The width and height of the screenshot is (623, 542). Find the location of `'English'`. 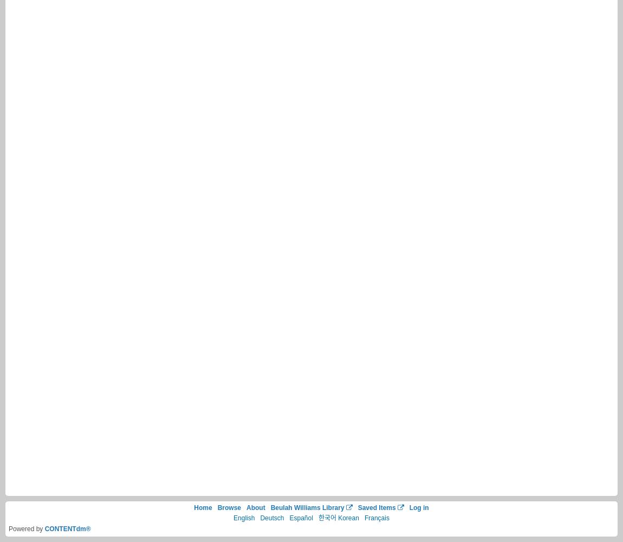

'English' is located at coordinates (244, 518).